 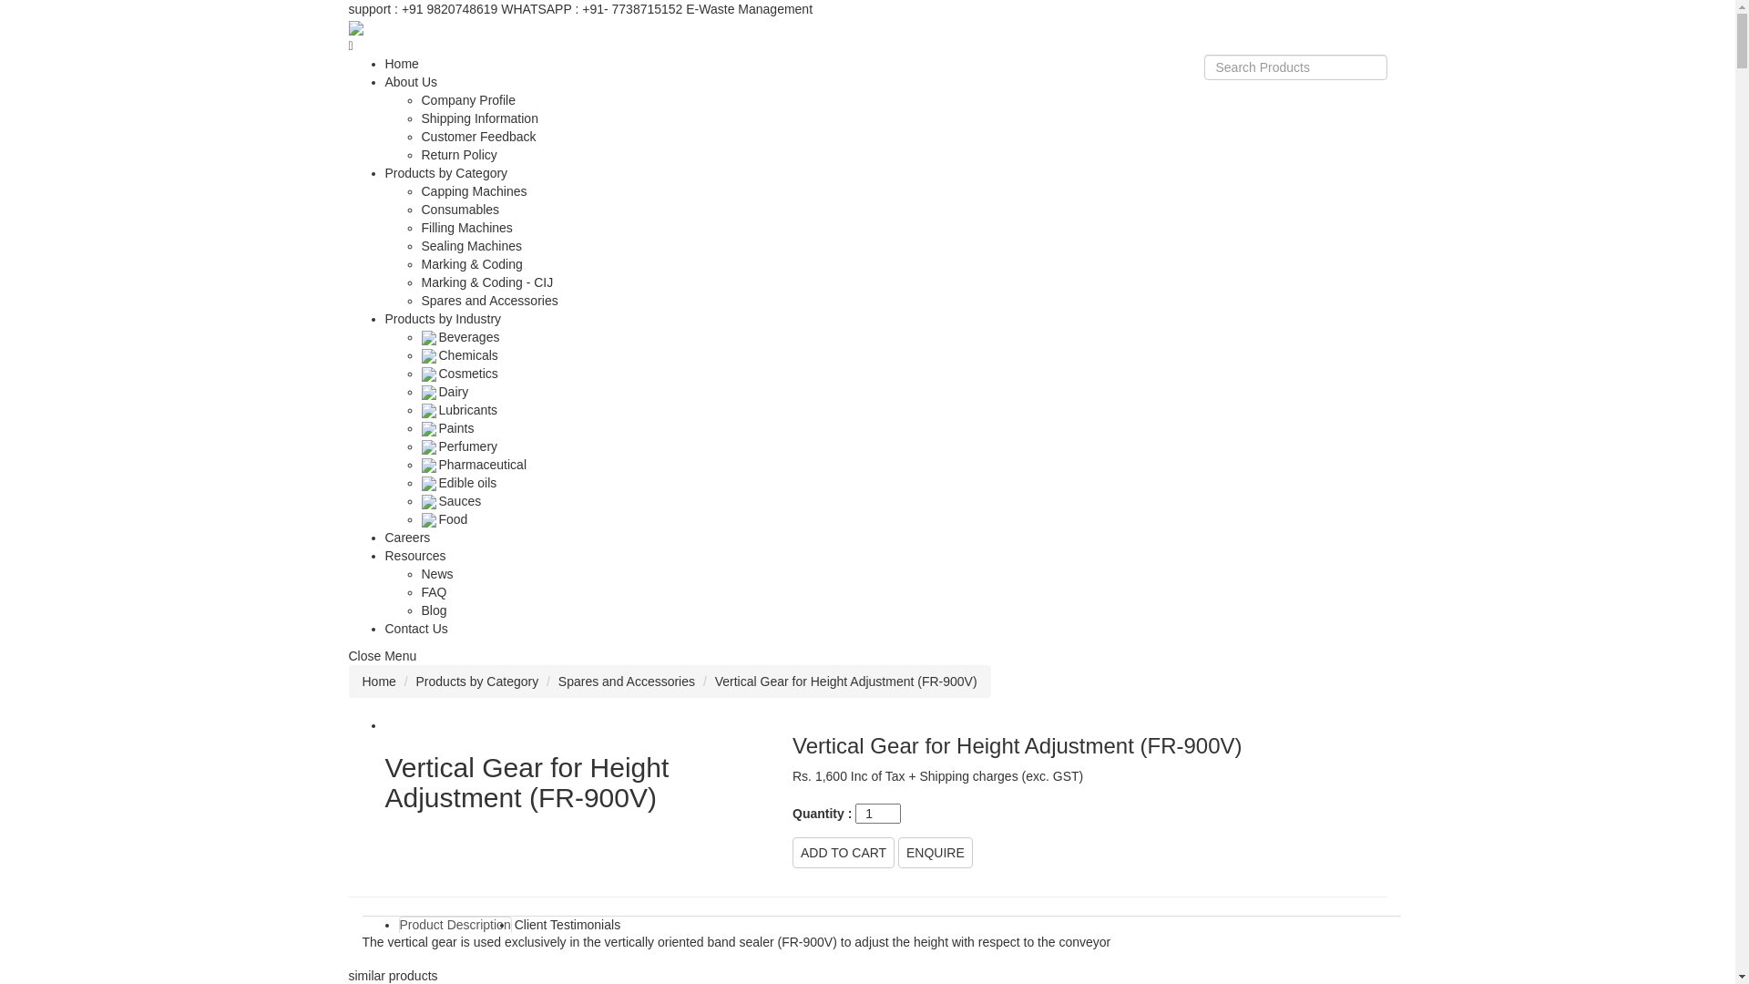 I want to click on 'Close Menu', so click(x=381, y=656).